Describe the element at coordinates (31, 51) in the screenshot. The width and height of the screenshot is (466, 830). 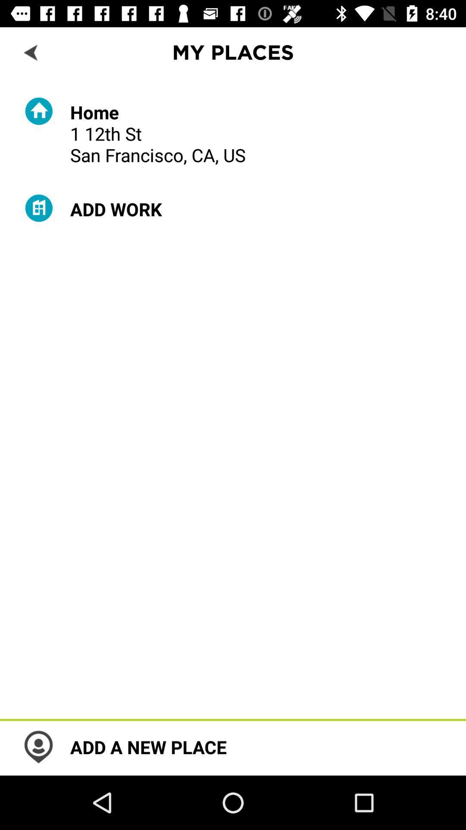
I see `go back` at that location.